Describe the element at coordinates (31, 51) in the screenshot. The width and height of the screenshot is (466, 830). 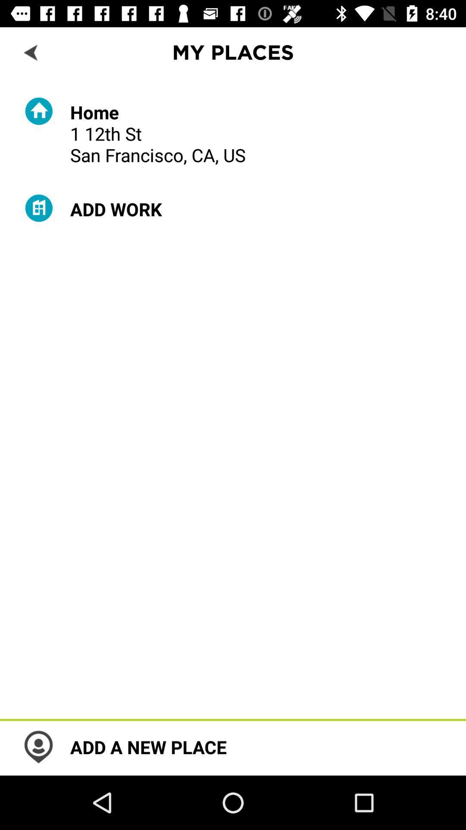
I see `go back` at that location.